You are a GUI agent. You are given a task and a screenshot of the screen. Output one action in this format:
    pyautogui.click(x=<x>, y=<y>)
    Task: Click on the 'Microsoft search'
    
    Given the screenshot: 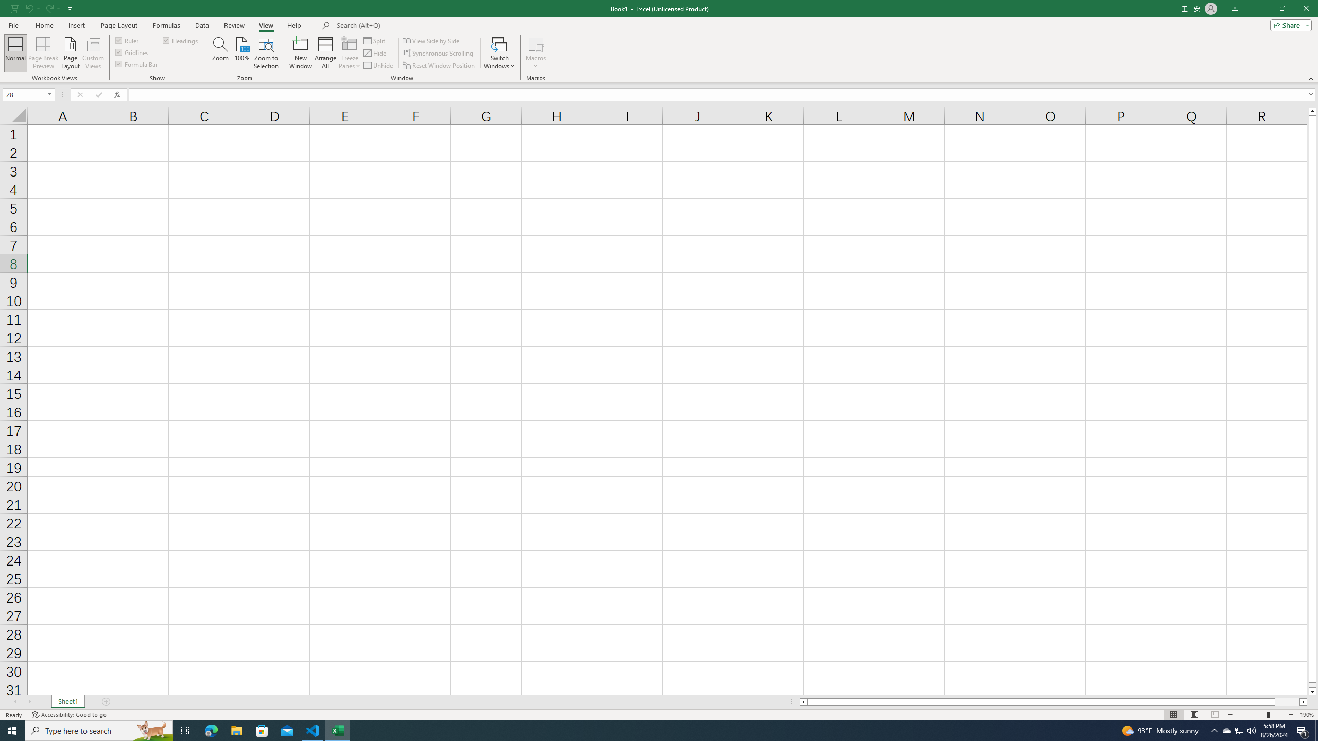 What is the action you would take?
    pyautogui.click(x=407, y=25)
    